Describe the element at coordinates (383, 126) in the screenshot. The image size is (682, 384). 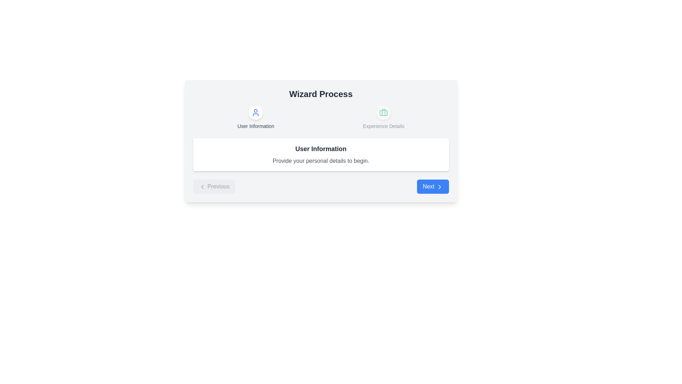
I see `the static text label that indicates user experiences, located beneath a briefcase icon and to the right of the 'User Information' section` at that location.